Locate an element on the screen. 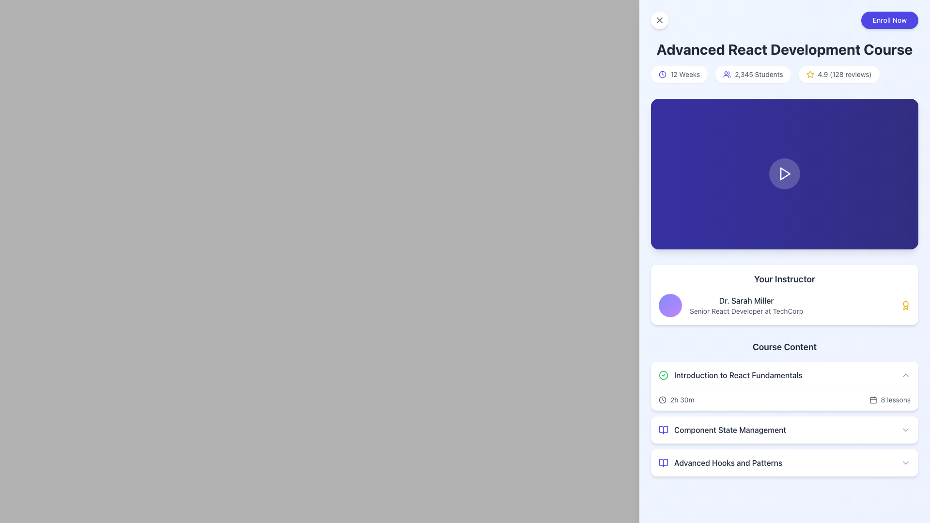 The width and height of the screenshot is (930, 523). the text label indicating the duration of the associated course, located in the course details section after the time icon is located at coordinates (684, 74).